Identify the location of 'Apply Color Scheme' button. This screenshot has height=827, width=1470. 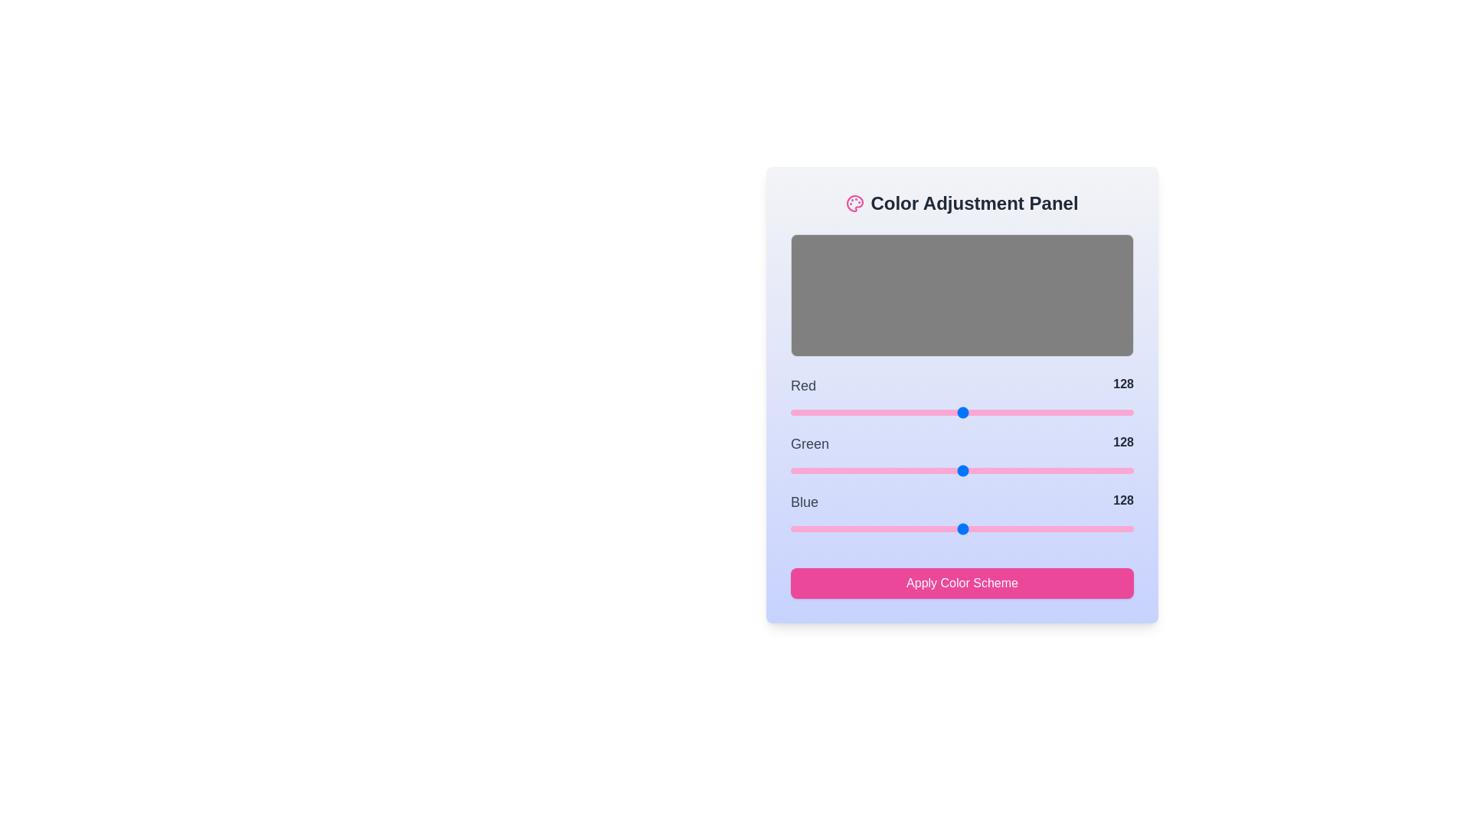
(962, 583).